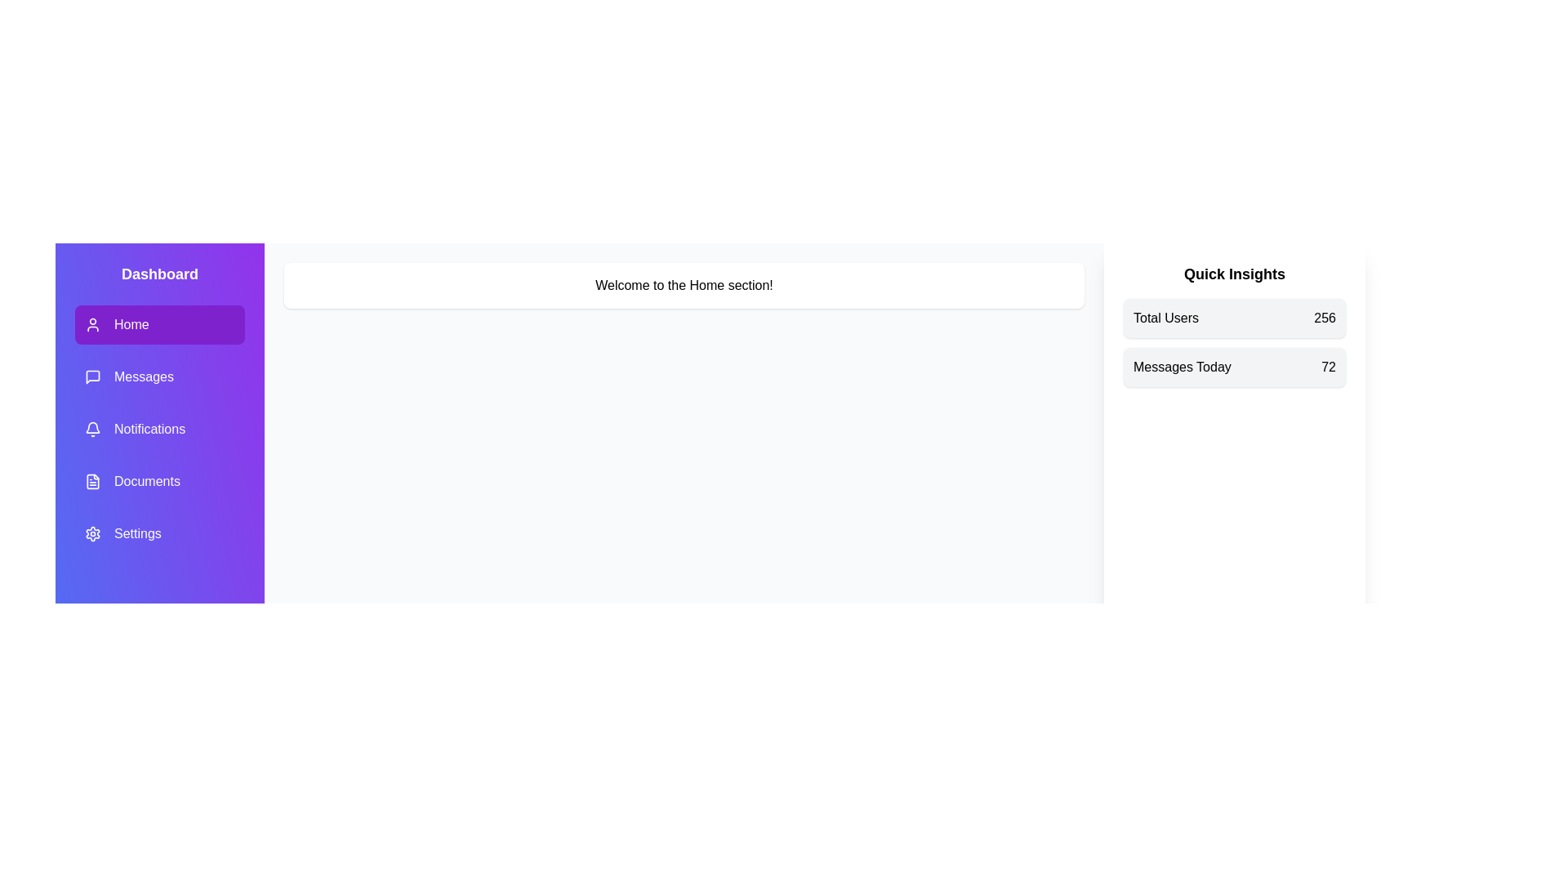 The image size is (1568, 882). I want to click on the text label that serves as a heading for the widget containing summarized data insights, located at the top of the card with statistics like 'Total Users' and 'Messages Today.', so click(1235, 273).